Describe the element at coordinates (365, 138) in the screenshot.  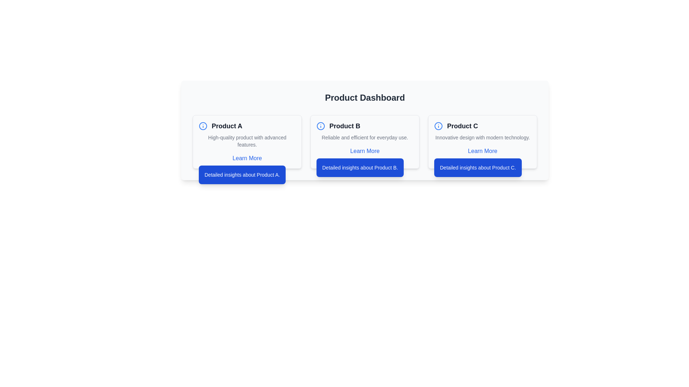
I see `the descriptive text label located within the product card for 'Product B', which is positioned directly below the 'Product B' title and above the 'Learn More' link` at that location.